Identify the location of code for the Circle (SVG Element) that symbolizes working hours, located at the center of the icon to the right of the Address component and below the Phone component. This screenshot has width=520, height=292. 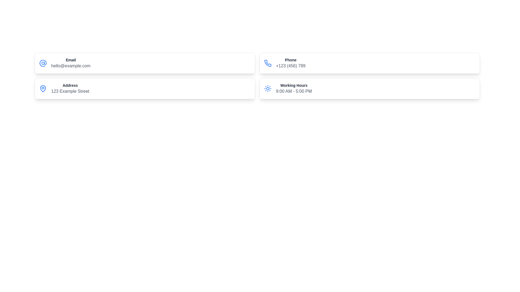
(268, 88).